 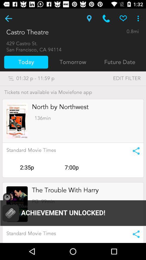 I want to click on go back, so click(x=8, y=18).